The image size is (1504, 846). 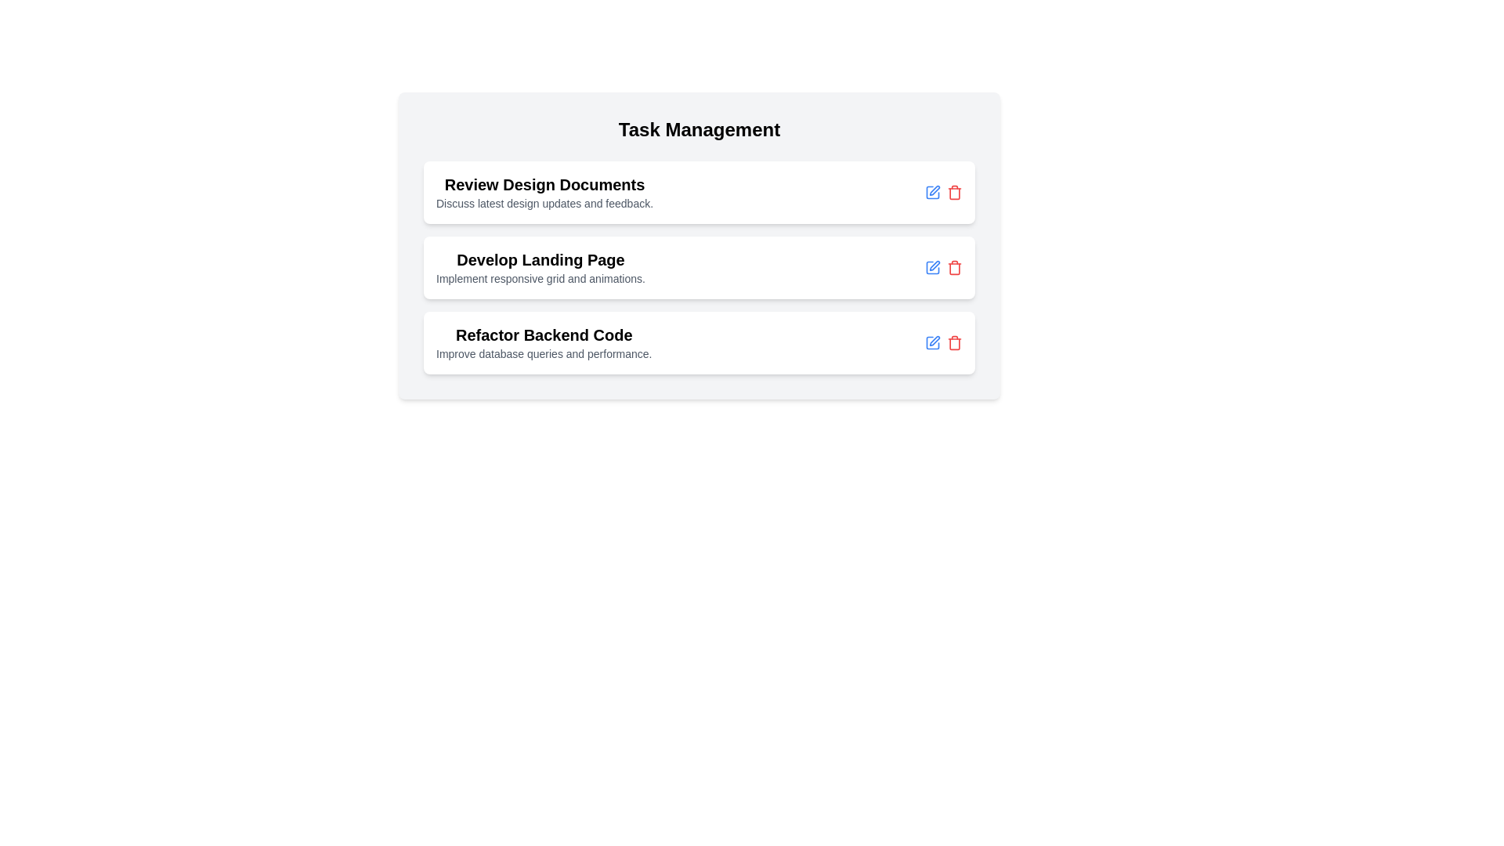 What do you see at coordinates (544, 192) in the screenshot?
I see `to select the first task item titled 'Review Design Documents' which serves as a summary and description of the task` at bounding box center [544, 192].